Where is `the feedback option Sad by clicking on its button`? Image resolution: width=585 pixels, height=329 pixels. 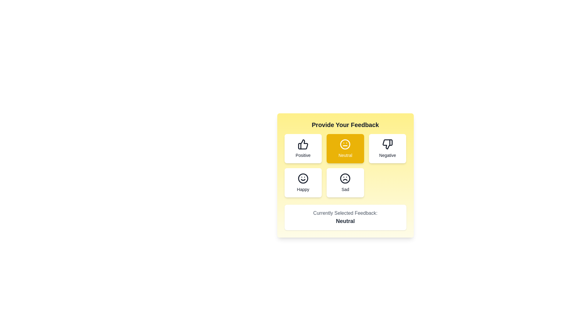 the feedback option Sad by clicking on its button is located at coordinates (345, 182).